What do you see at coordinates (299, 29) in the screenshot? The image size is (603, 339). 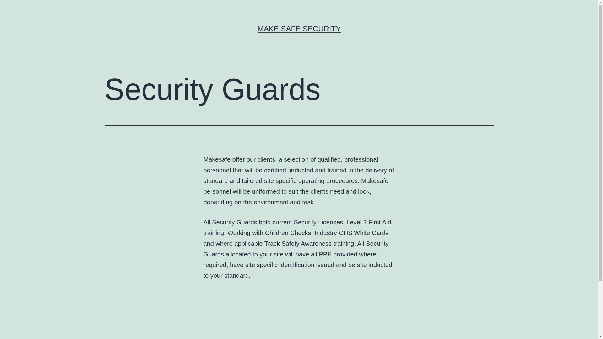 I see `'MAKE SAFE SECURITY'` at bounding box center [299, 29].